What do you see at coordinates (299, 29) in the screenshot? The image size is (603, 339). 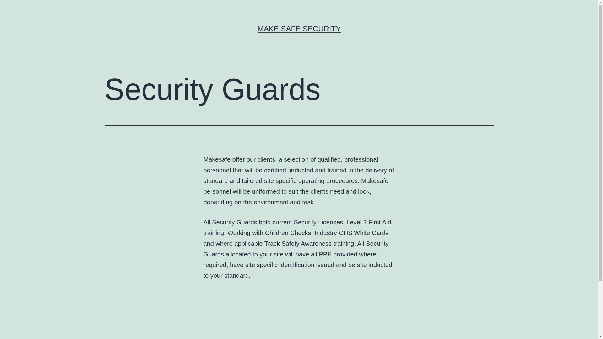 I see `'MAKE SAFE SECURITY'` at bounding box center [299, 29].